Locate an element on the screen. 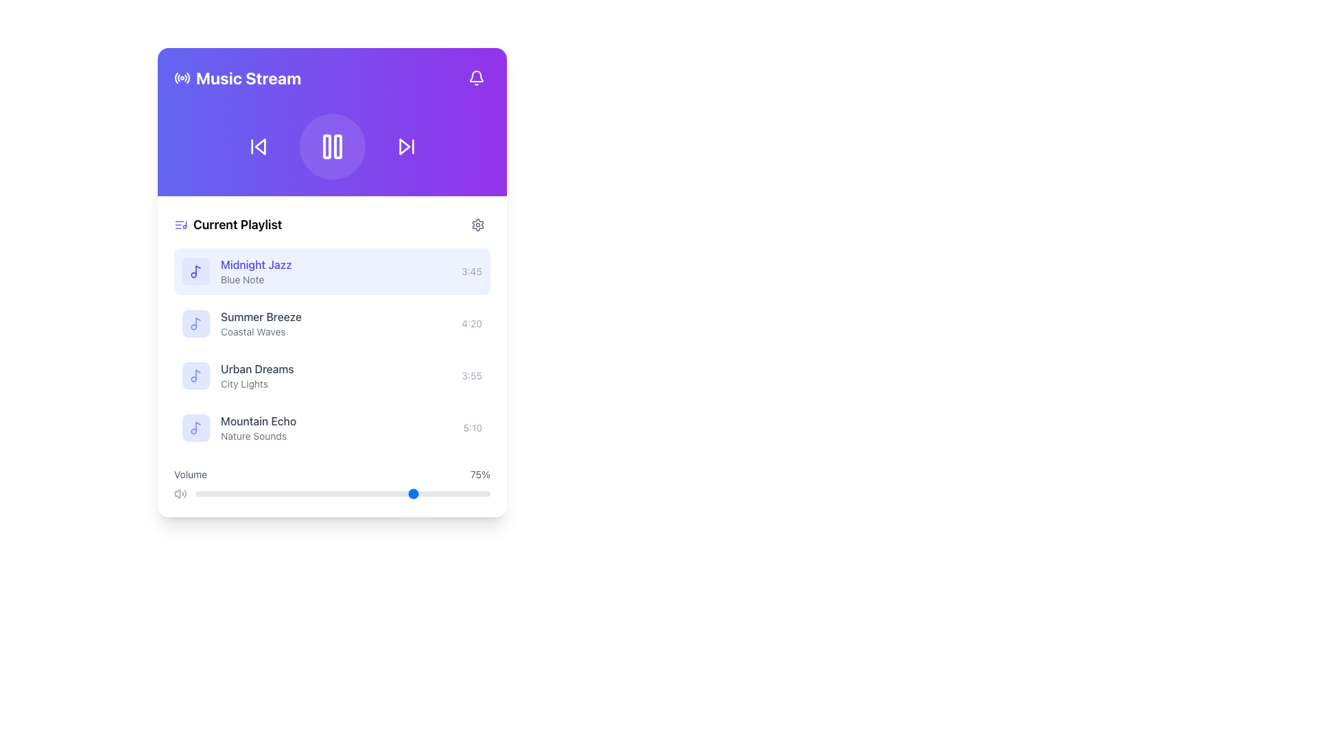 This screenshot has width=1317, height=741. the first interactive list item representing the music track 'Midnight Jazz' for additional options is located at coordinates (332, 272).